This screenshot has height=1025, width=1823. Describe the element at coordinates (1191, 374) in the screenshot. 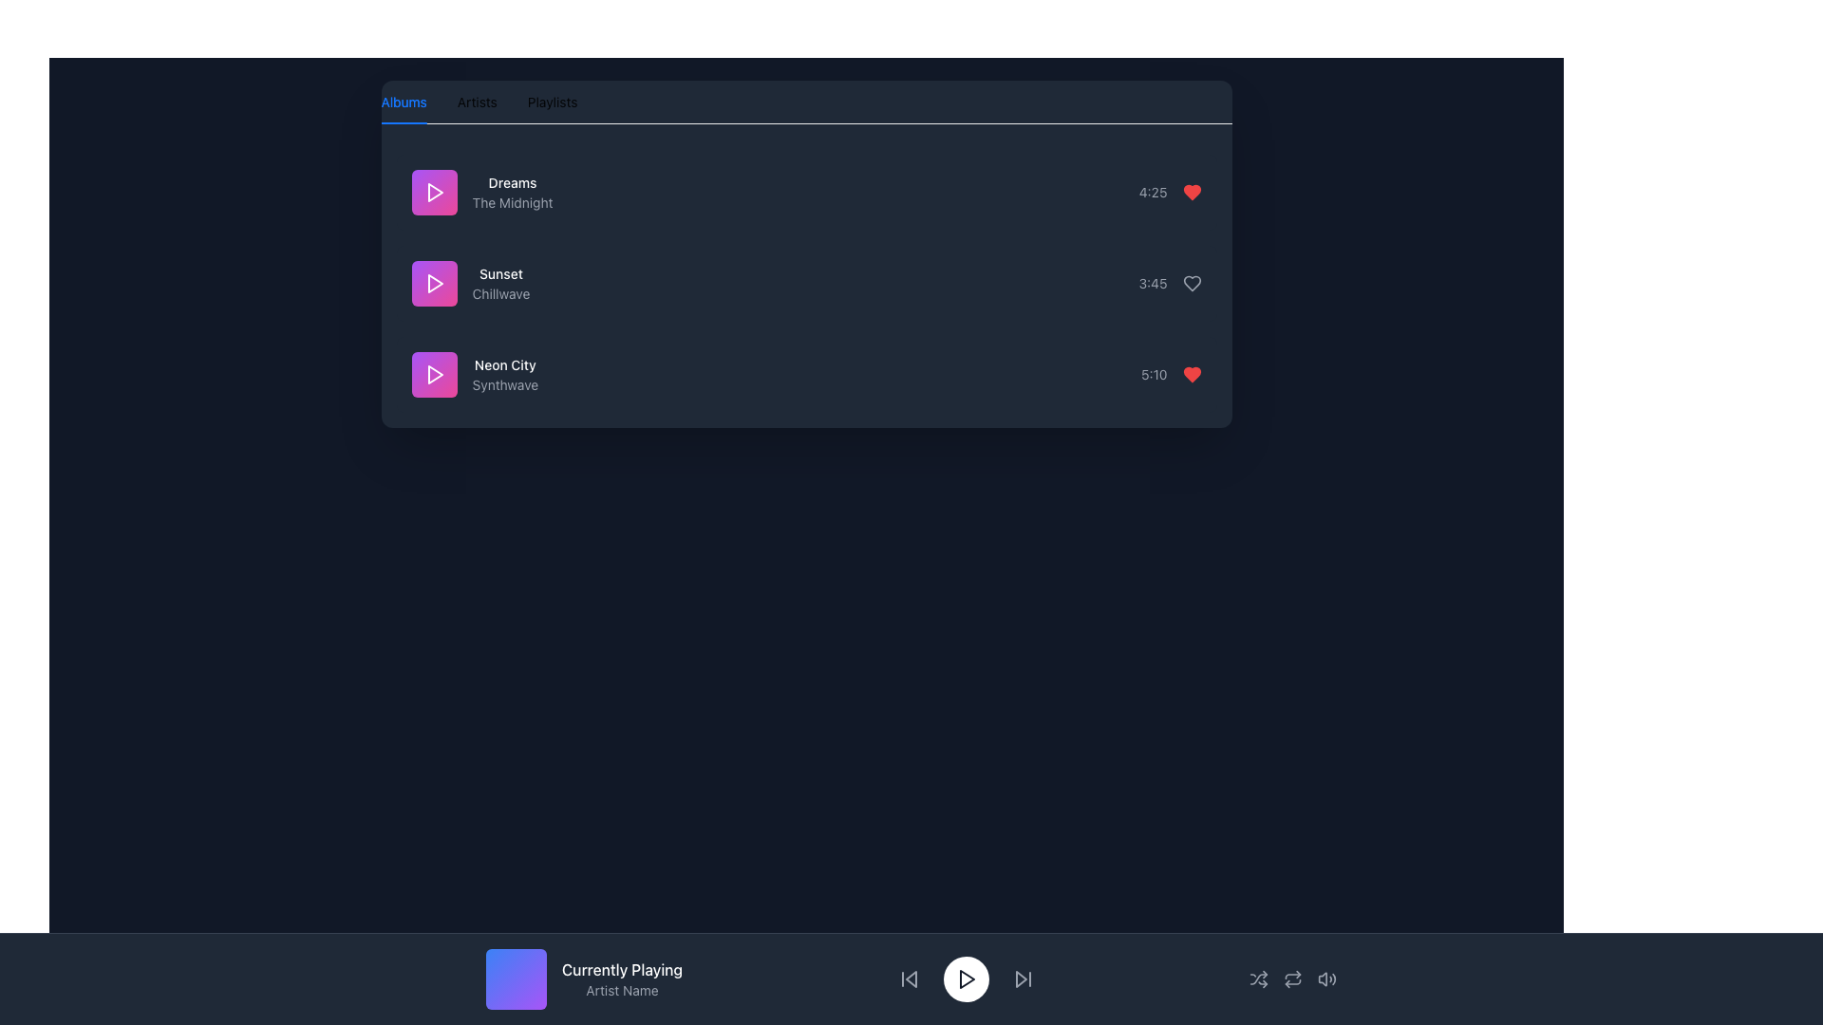

I see `the red heart-shaped icon button located to the right of the '5:10' time label` at that location.